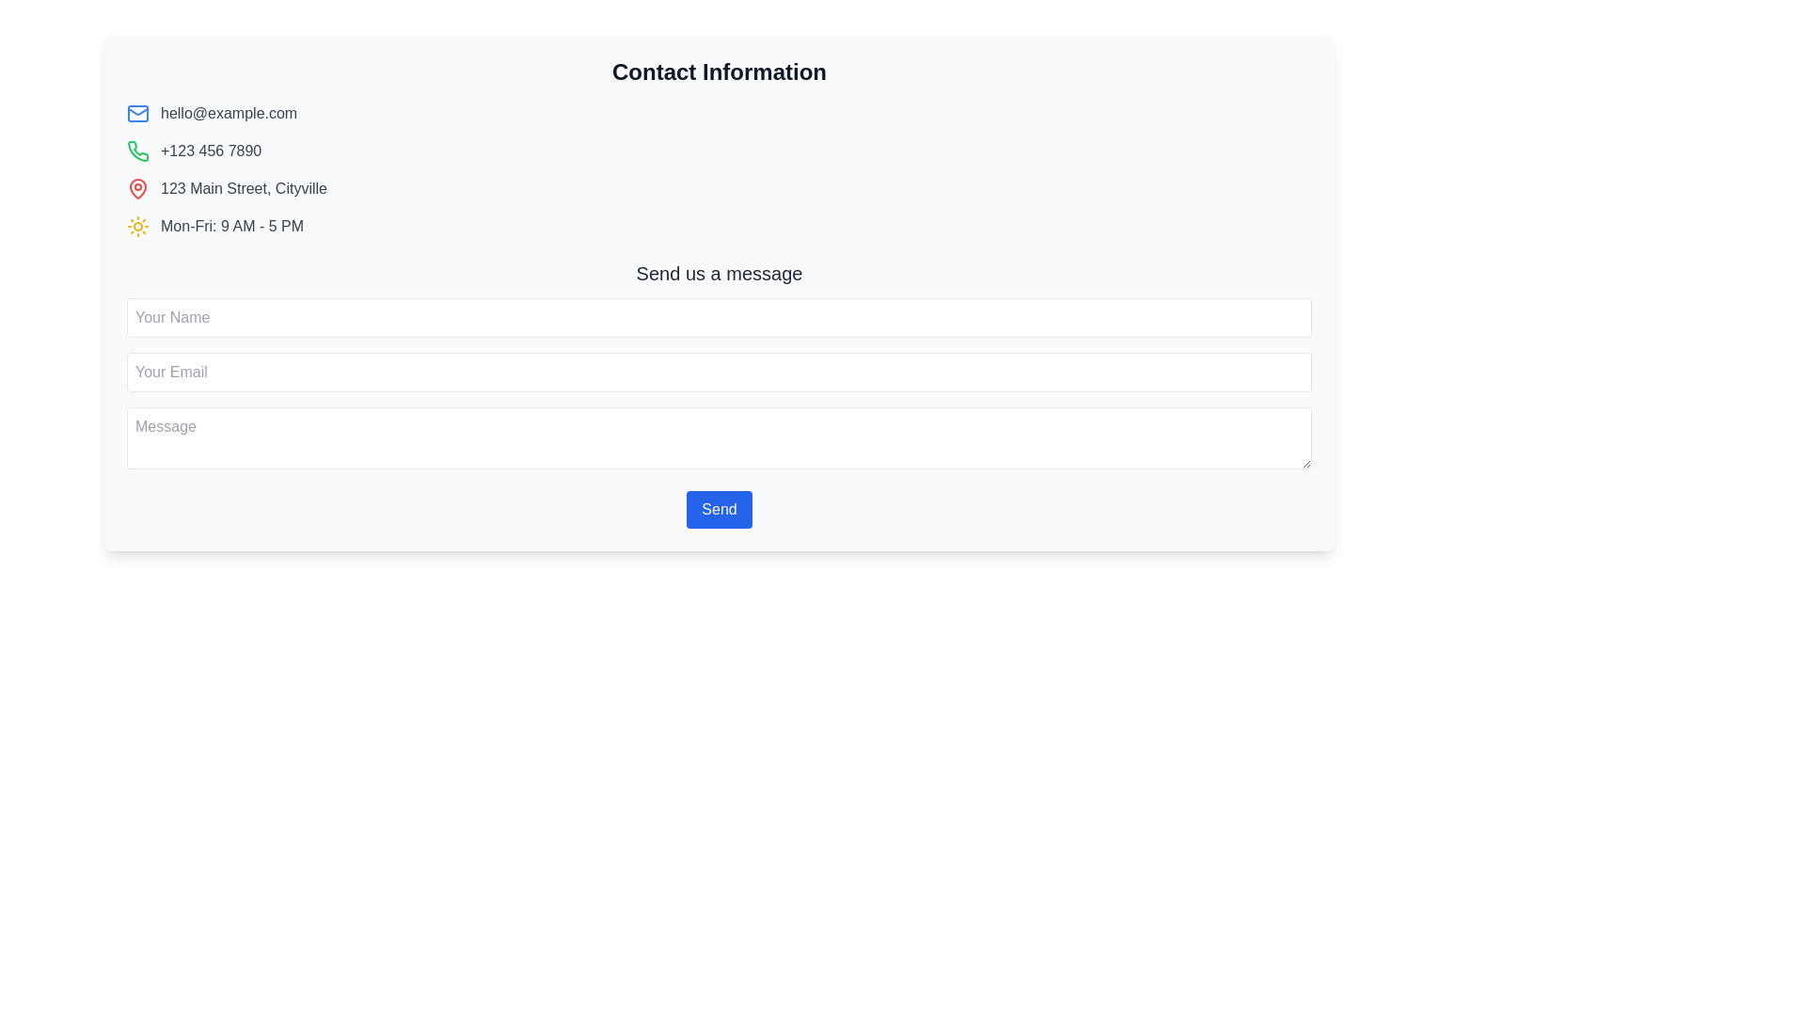 This screenshot has width=1806, height=1016. I want to click on the green phone receiver icon representing the phone contact information for the number '+123 456 7890' in the 'Contact Information' section, so click(137, 150).